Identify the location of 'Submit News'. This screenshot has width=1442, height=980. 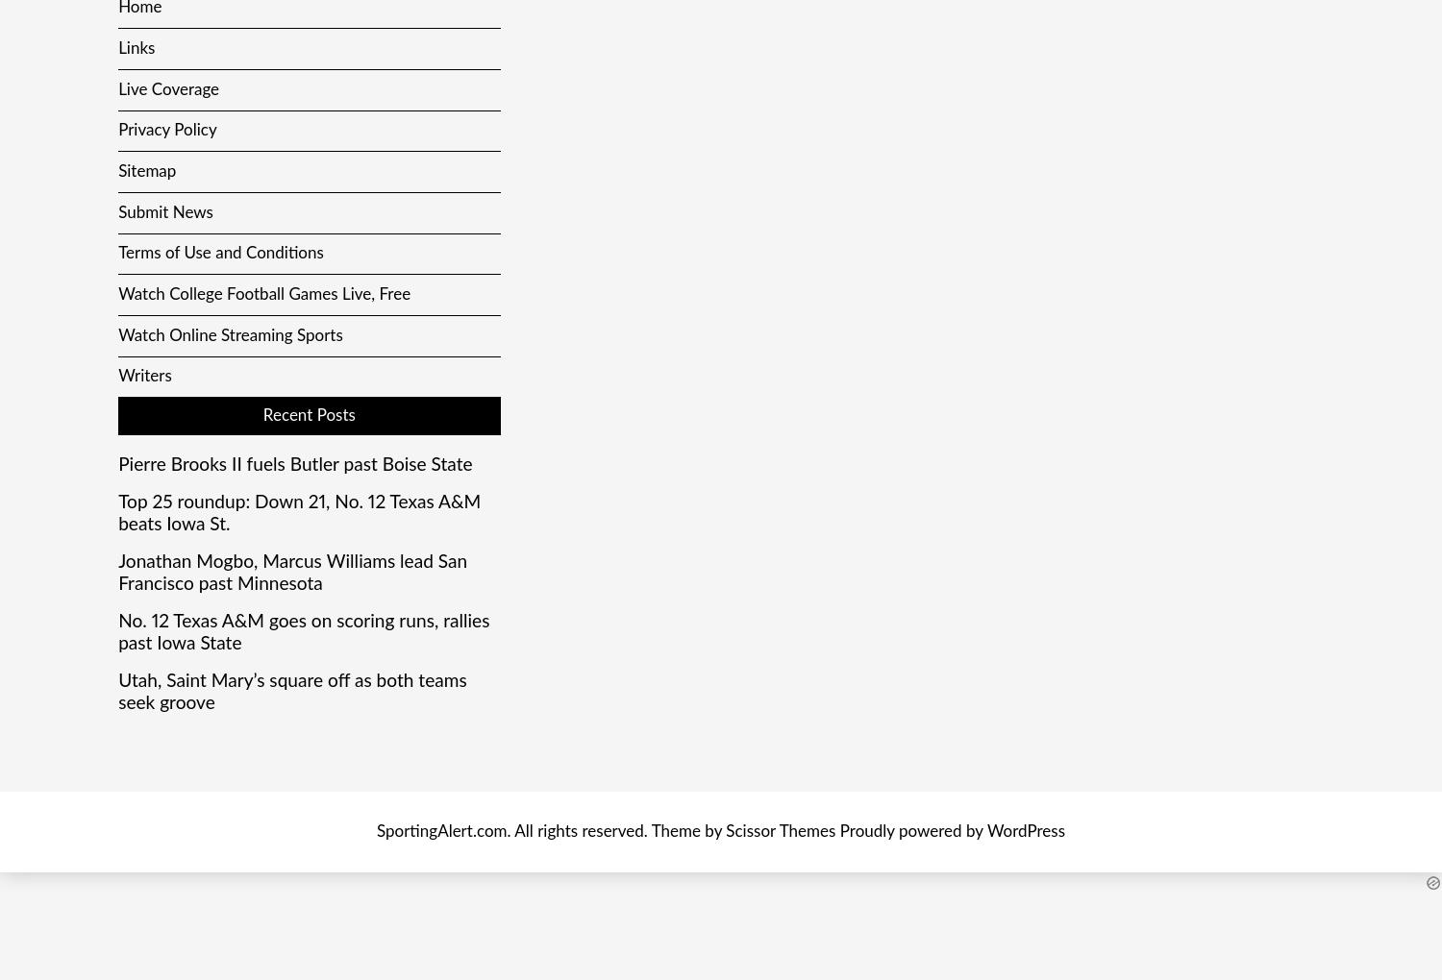
(117, 211).